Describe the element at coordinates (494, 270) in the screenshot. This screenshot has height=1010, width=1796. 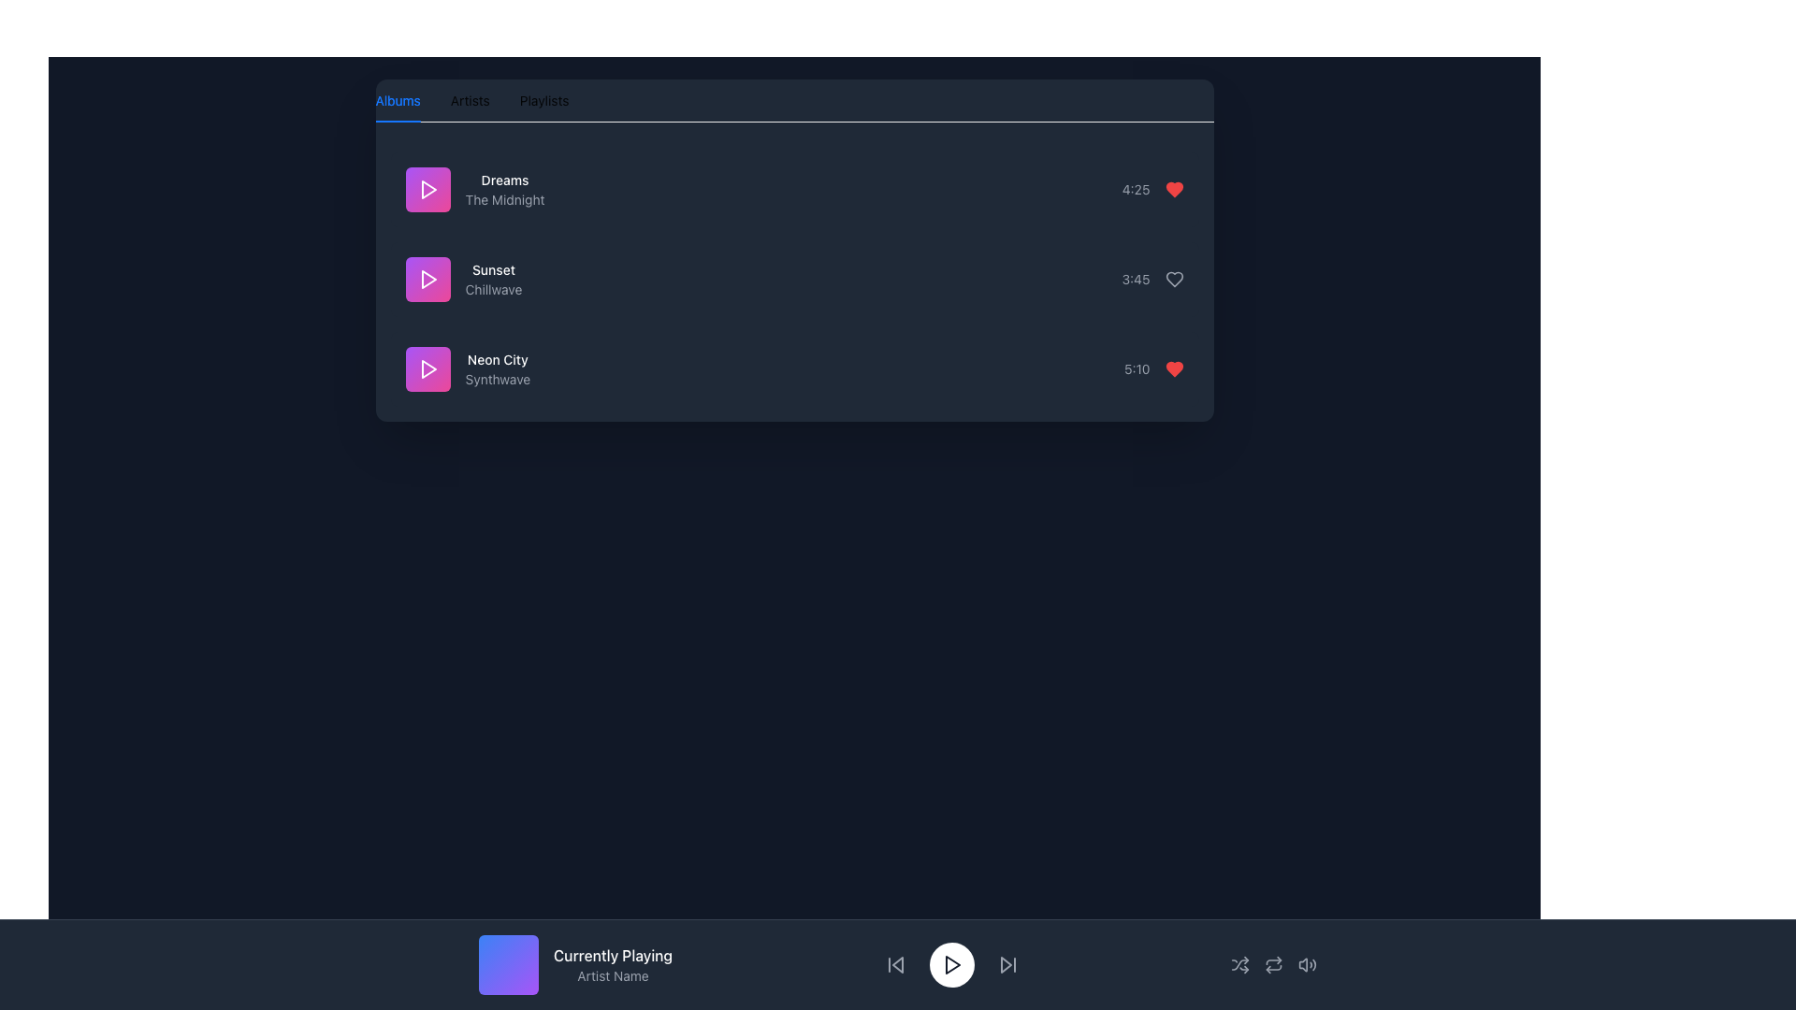
I see `displayed text of the static label showing the track name 'Sunset', which is positioned above the text 'Chillwave' in the playlist interface` at that location.